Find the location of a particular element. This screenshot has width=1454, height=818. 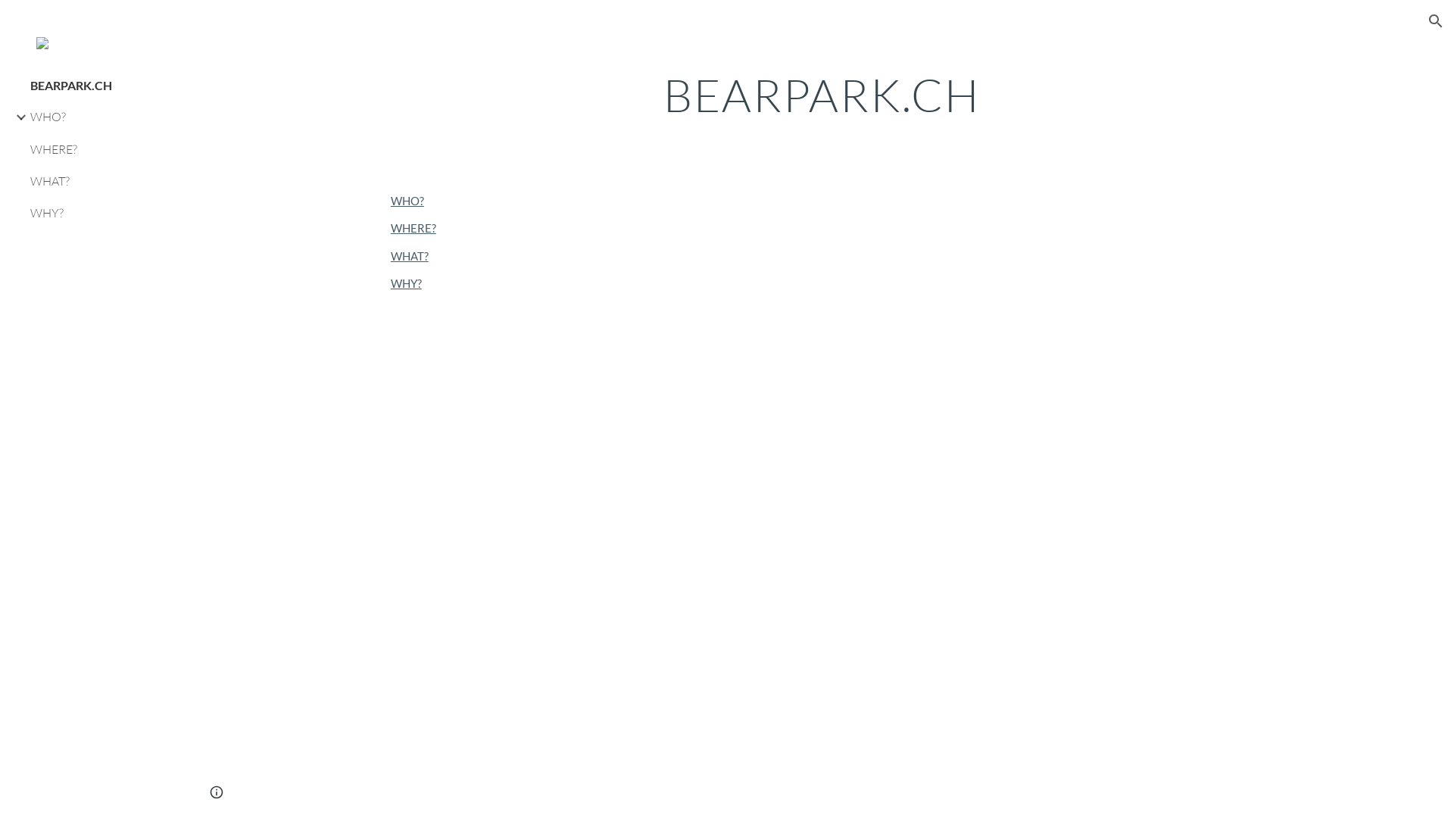

'WHY?' is located at coordinates (406, 283).